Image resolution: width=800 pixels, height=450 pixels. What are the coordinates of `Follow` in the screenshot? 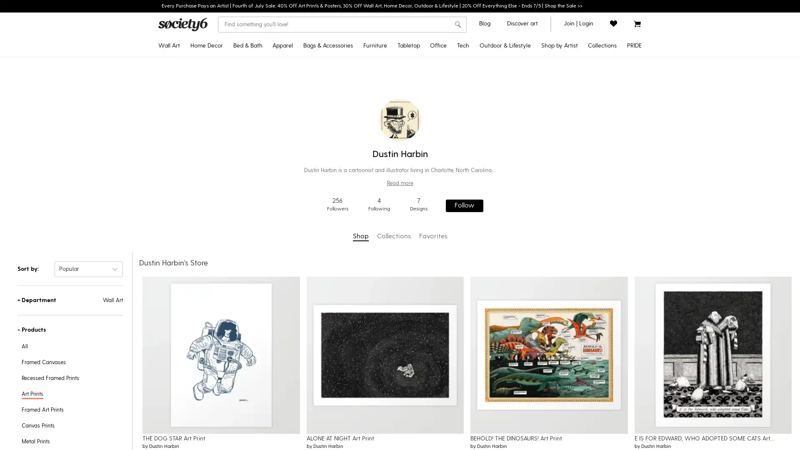 It's located at (463, 205).